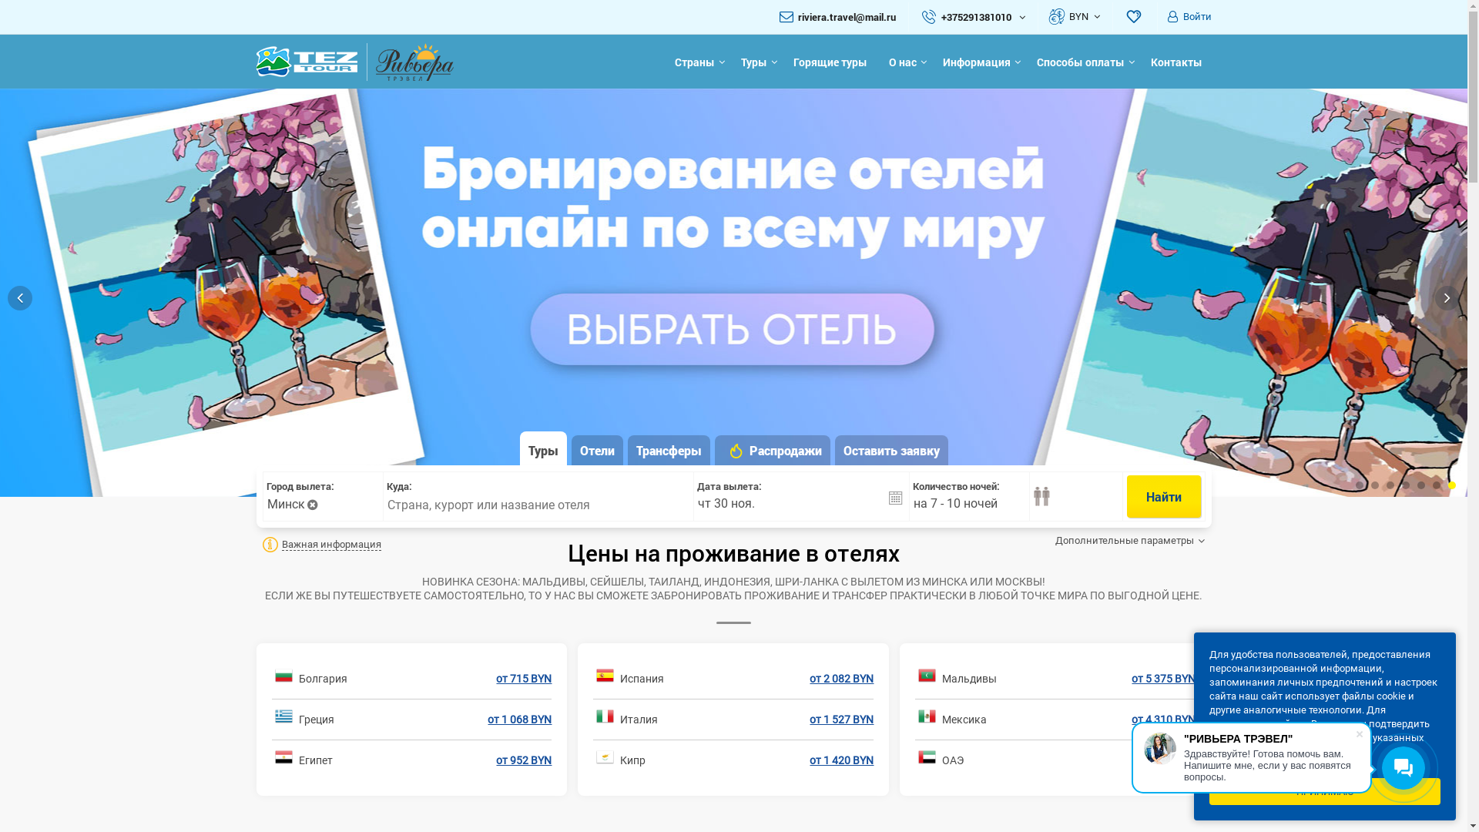 This screenshot has width=1479, height=832. I want to click on '6', so click(1432, 484).